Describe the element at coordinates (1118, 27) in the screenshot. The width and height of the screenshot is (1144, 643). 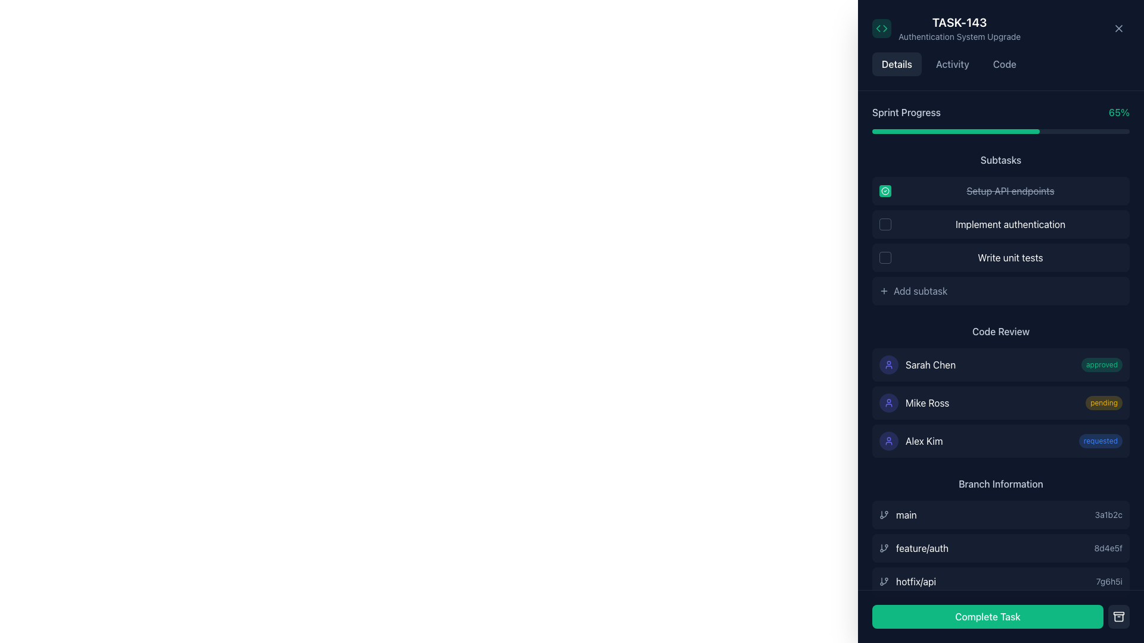
I see `the 'X' icon in the top-right corner of the 'TASK-143' modal` at that location.